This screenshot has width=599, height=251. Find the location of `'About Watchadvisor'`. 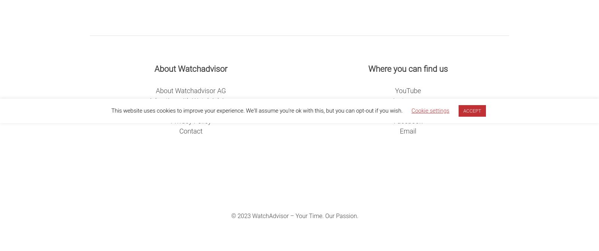

'About Watchadvisor' is located at coordinates (190, 69).